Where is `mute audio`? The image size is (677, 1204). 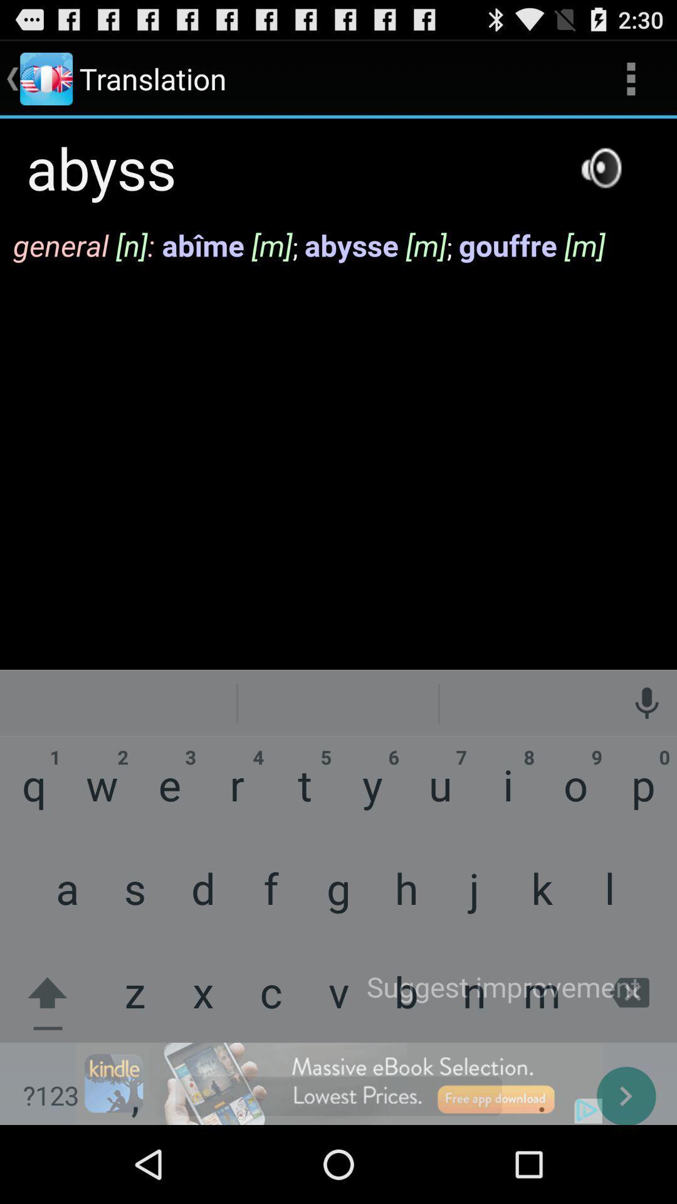
mute audio is located at coordinates (601, 167).